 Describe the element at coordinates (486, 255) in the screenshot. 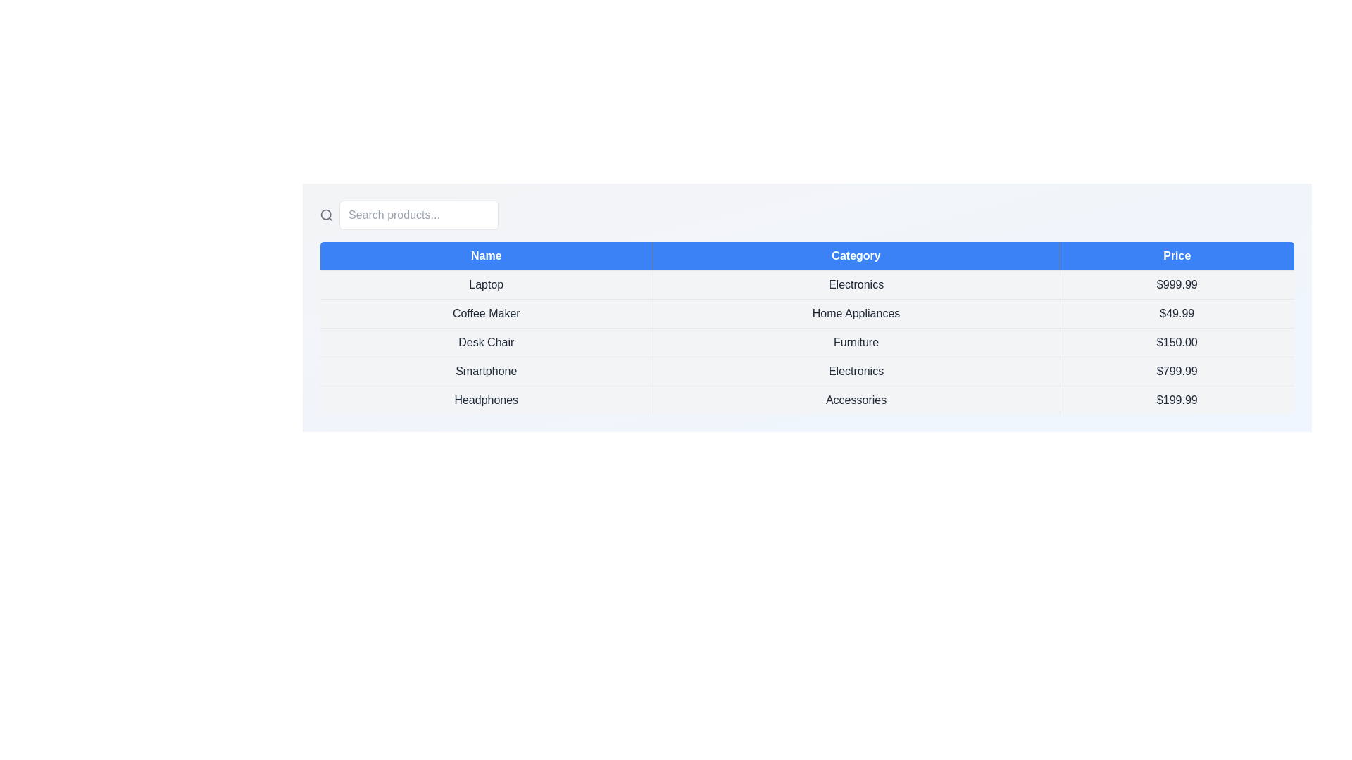

I see `the 'Name' table header, which is the first column header in a table with a blue background and white text` at that location.